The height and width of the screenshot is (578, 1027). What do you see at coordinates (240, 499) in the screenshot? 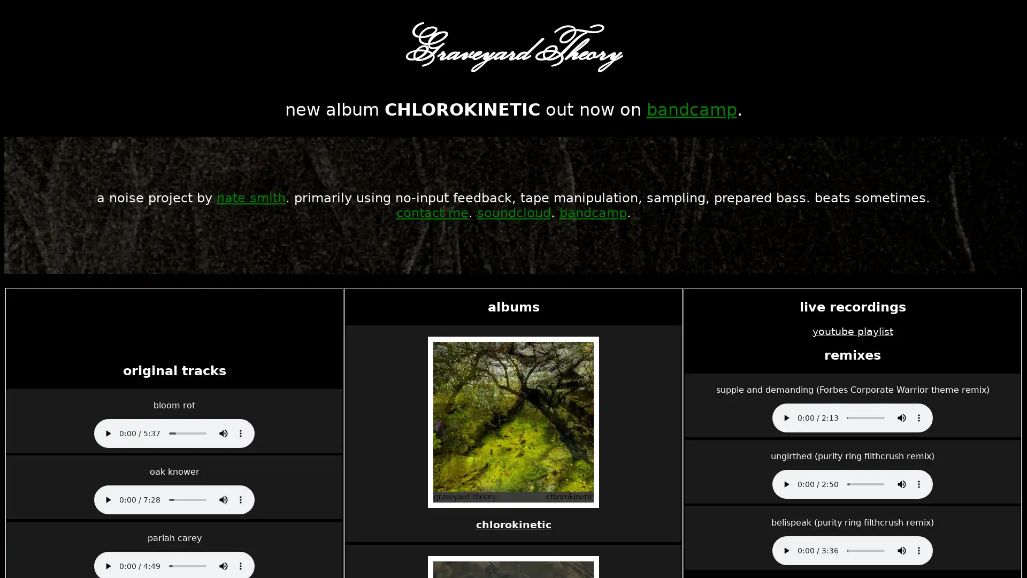
I see `show more media controls` at bounding box center [240, 499].